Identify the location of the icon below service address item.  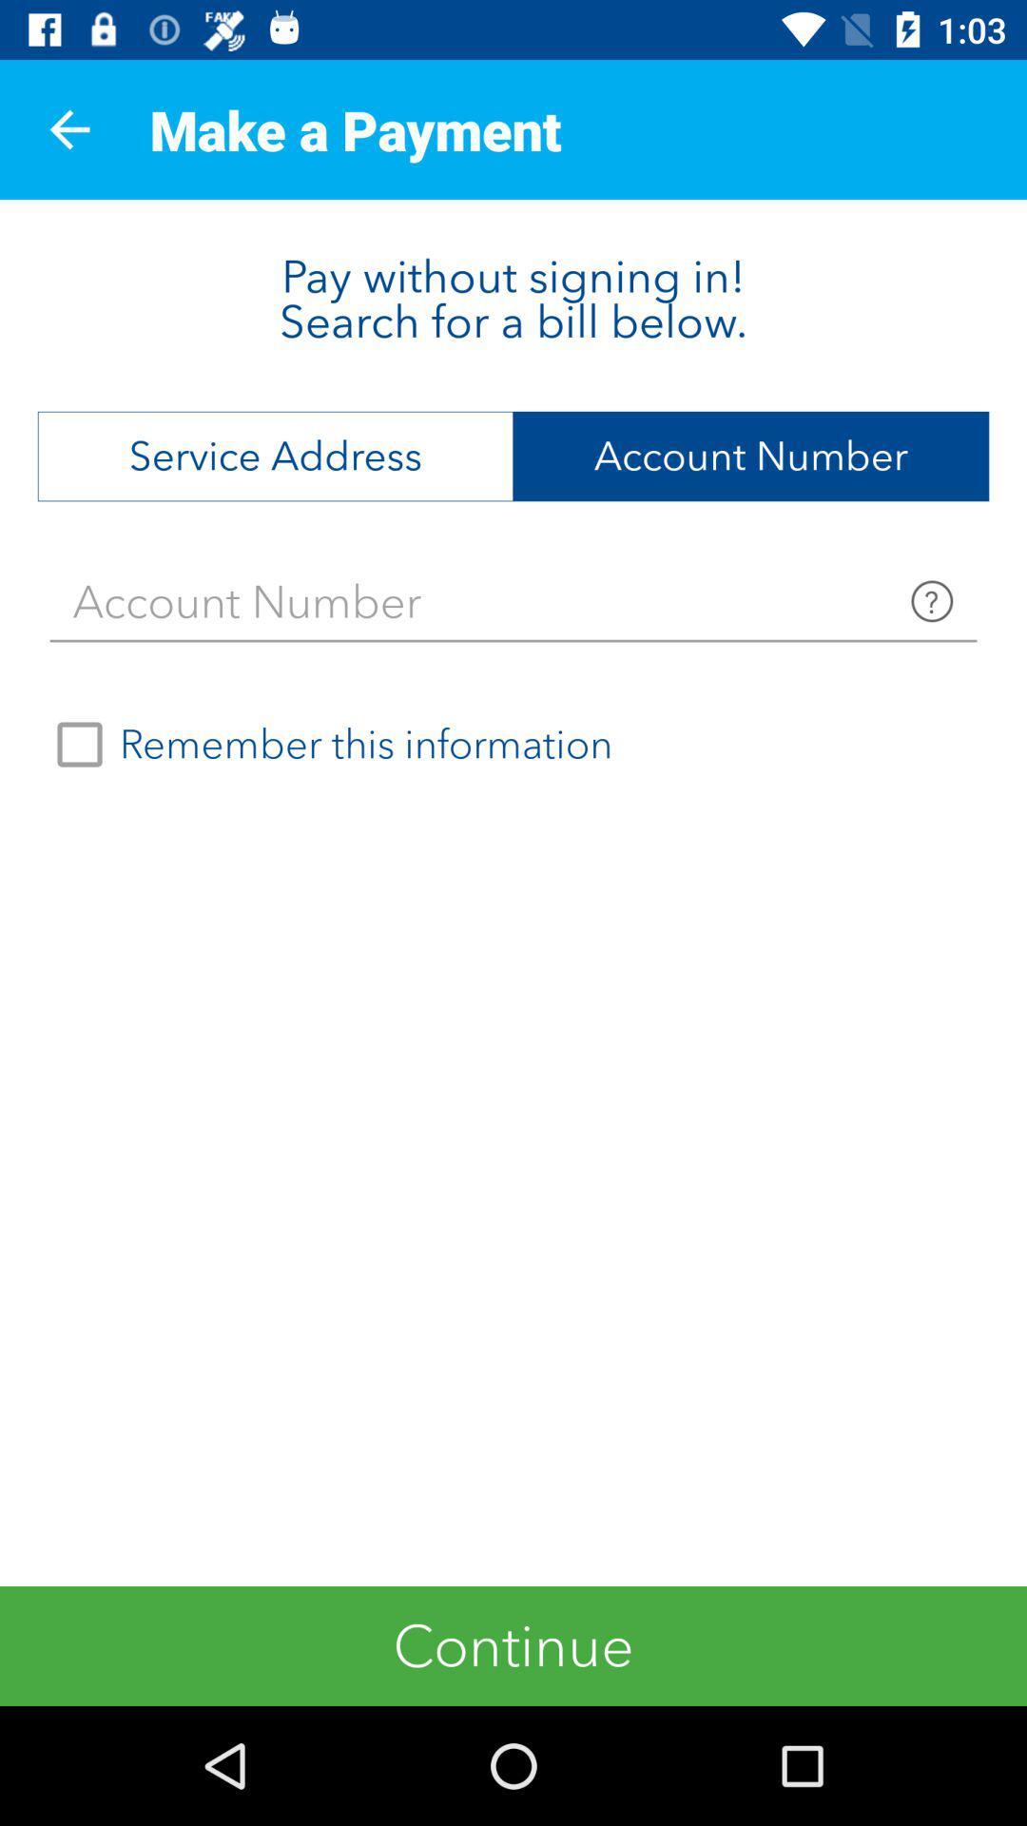
(513, 601).